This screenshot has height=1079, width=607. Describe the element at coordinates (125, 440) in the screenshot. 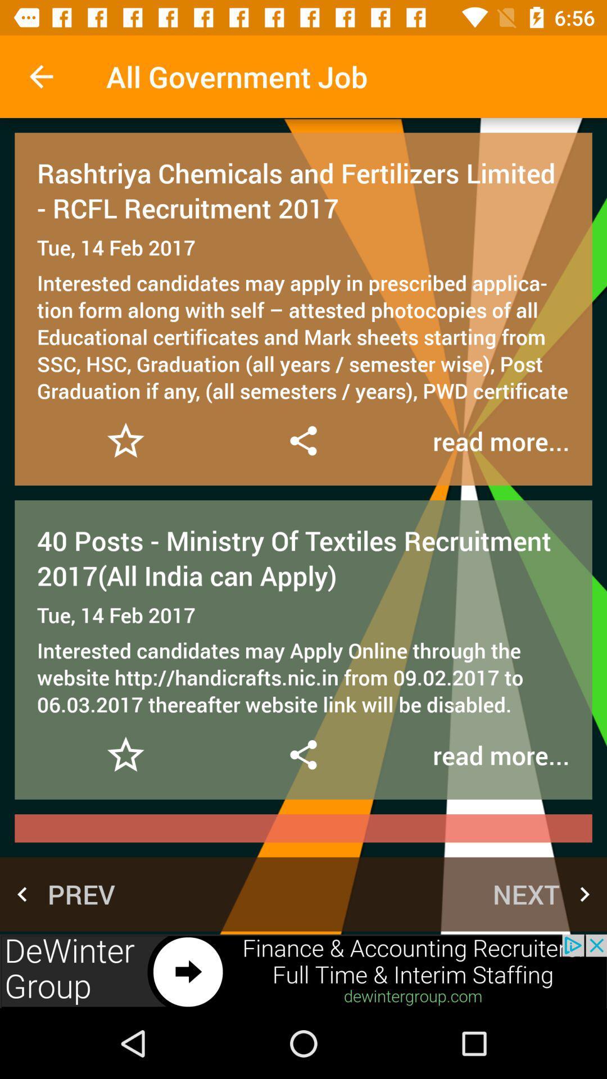

I see `star rating` at that location.